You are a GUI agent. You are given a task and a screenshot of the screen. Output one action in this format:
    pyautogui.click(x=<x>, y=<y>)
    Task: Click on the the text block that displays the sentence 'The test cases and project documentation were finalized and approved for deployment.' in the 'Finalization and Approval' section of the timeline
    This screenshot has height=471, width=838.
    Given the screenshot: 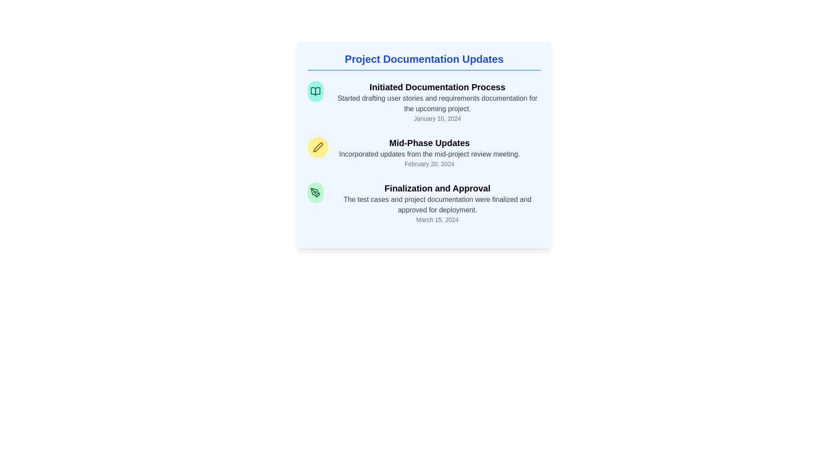 What is the action you would take?
    pyautogui.click(x=437, y=205)
    